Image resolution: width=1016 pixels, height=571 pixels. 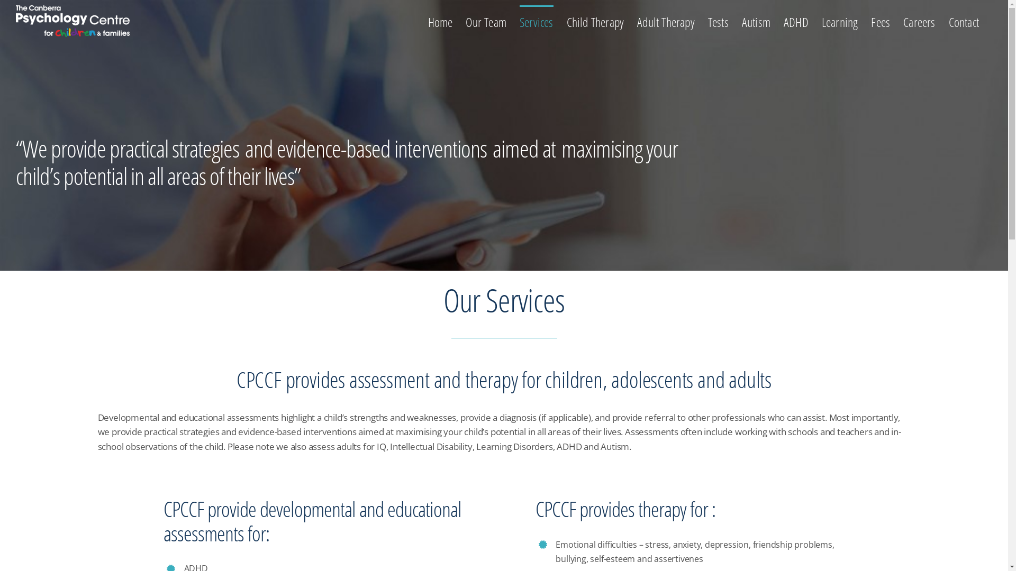 I want to click on 'Contact', so click(x=964, y=21).